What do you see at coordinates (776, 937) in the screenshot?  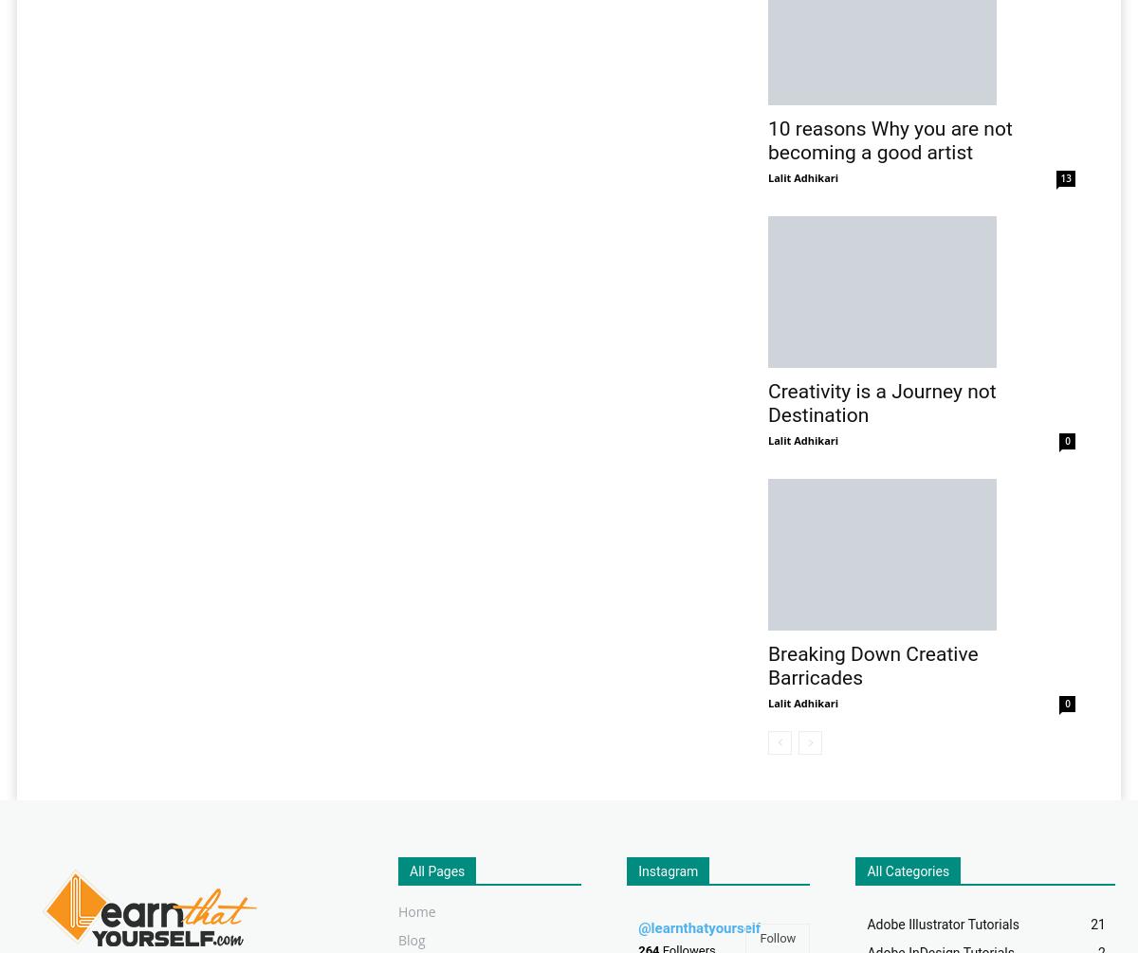 I see `'Follow'` at bounding box center [776, 937].